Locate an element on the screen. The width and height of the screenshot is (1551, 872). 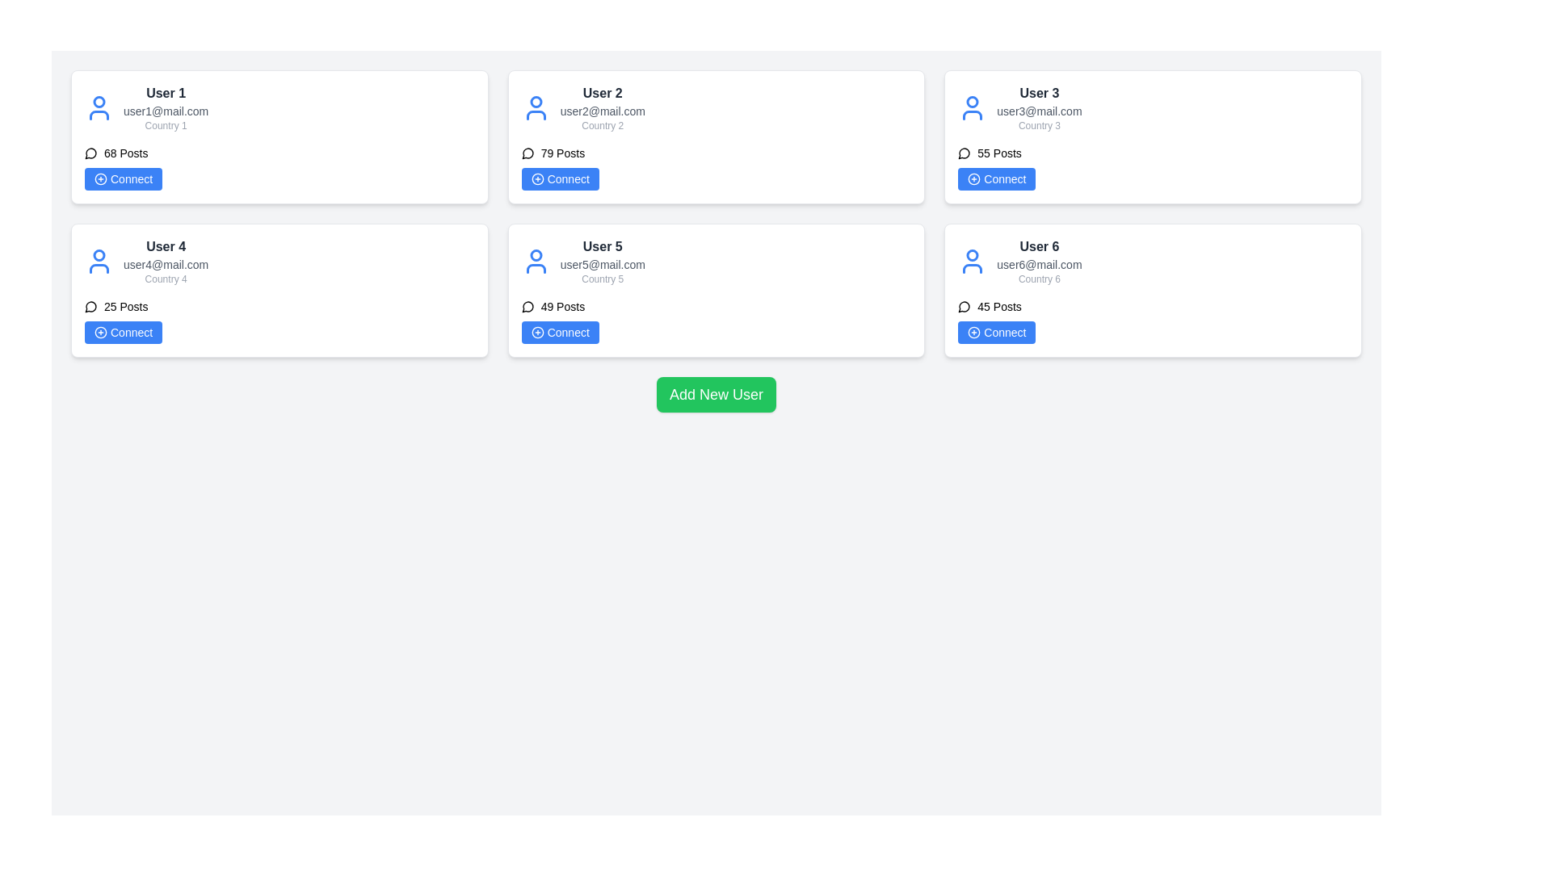
the small circular blue icon with a white plus sign located within the 'Connect' button under the profile of User 6 in the user card layout is located at coordinates (973, 332).